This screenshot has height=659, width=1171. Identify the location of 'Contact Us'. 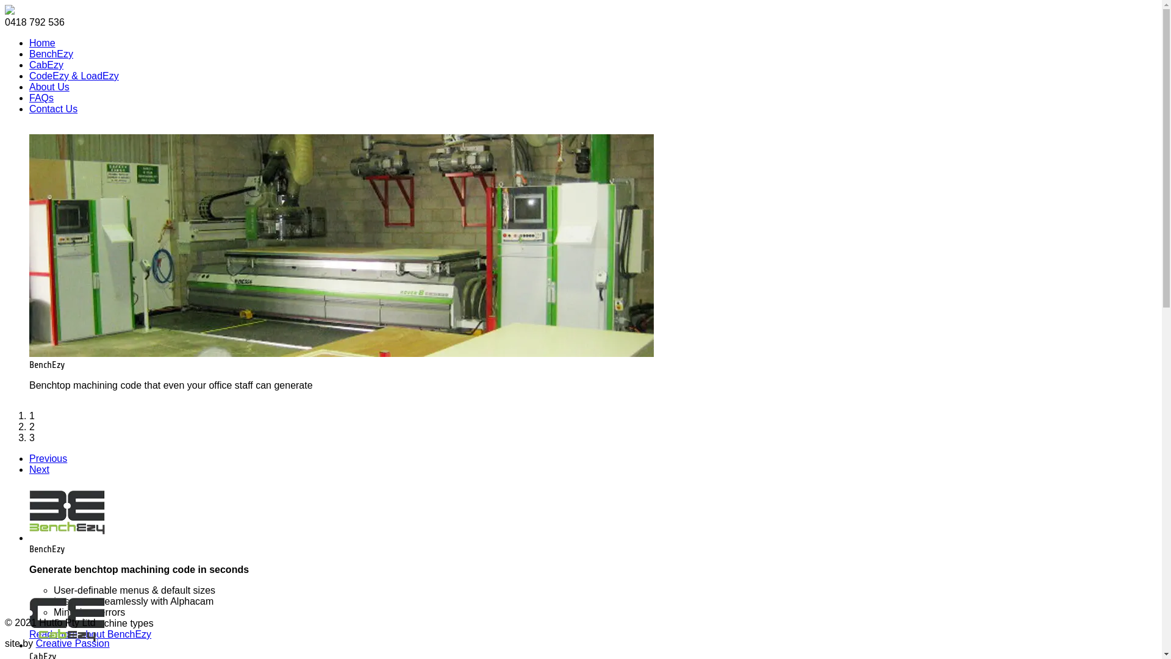
(52, 108).